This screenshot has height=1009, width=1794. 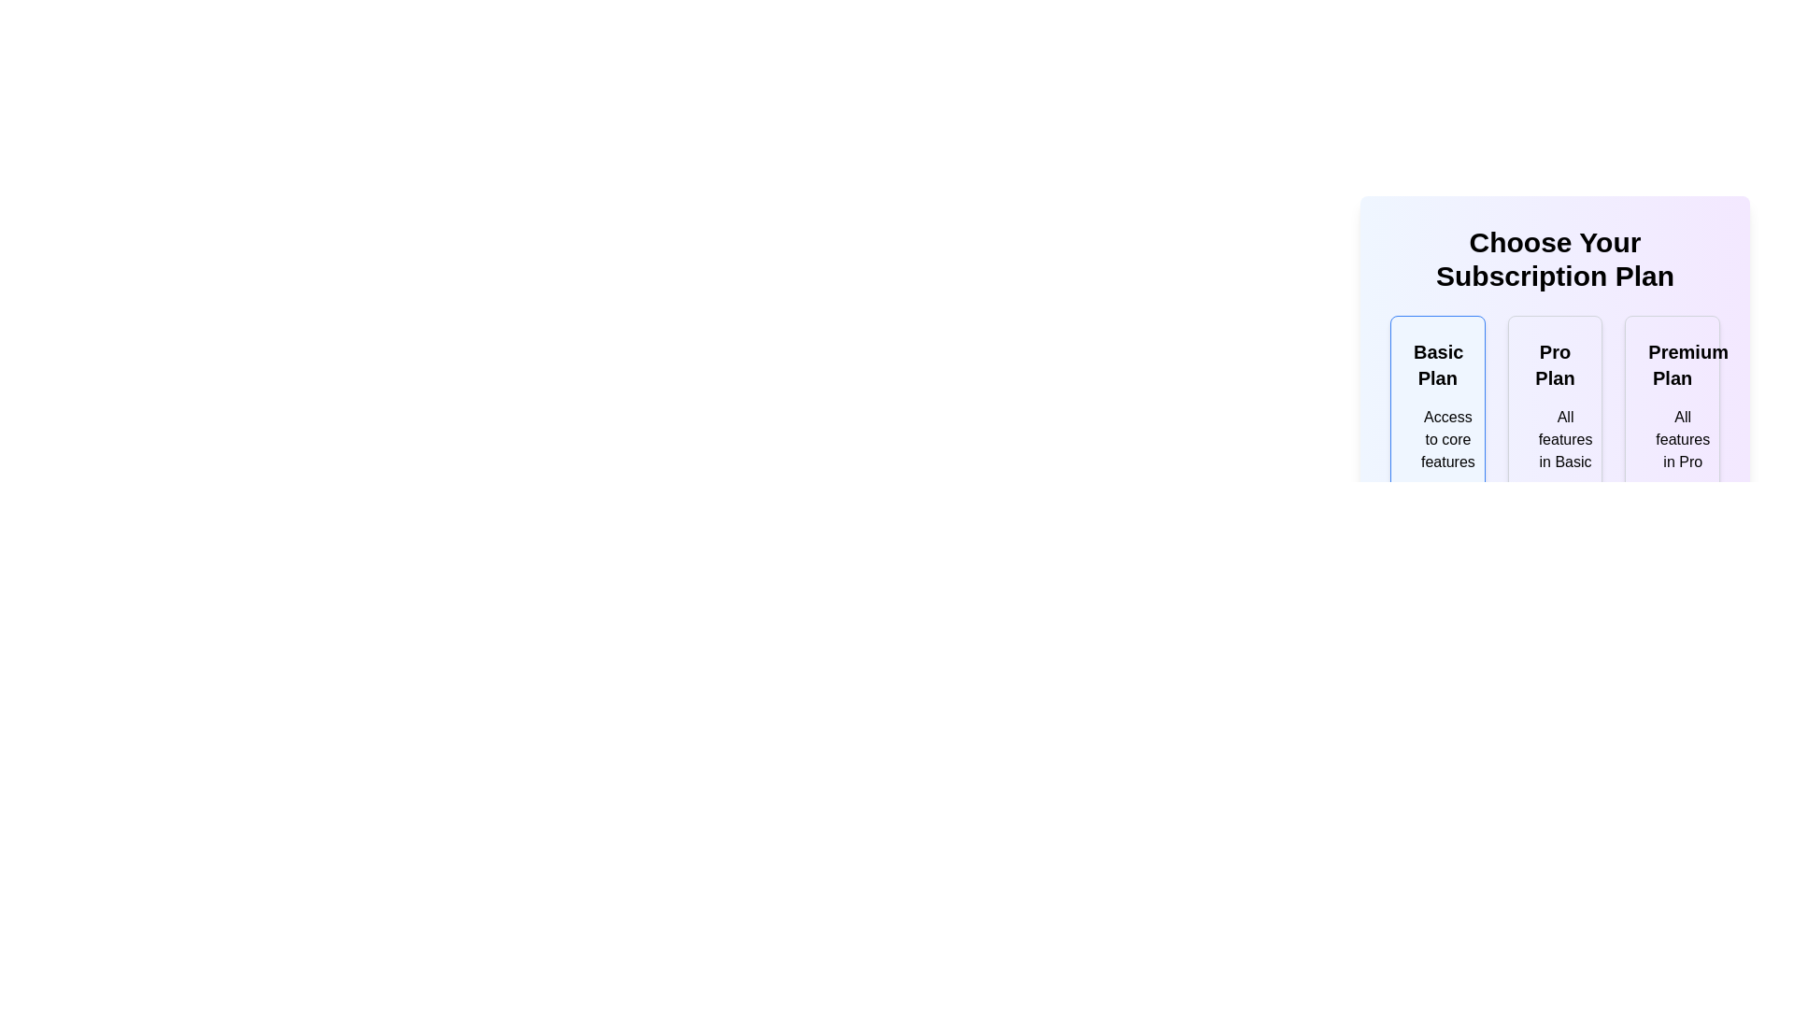 What do you see at coordinates (1673, 364) in the screenshot?
I see `the Text Label that serves as the header for the Premium Plan, located at the top of the rightmost card in a three-card layout` at bounding box center [1673, 364].